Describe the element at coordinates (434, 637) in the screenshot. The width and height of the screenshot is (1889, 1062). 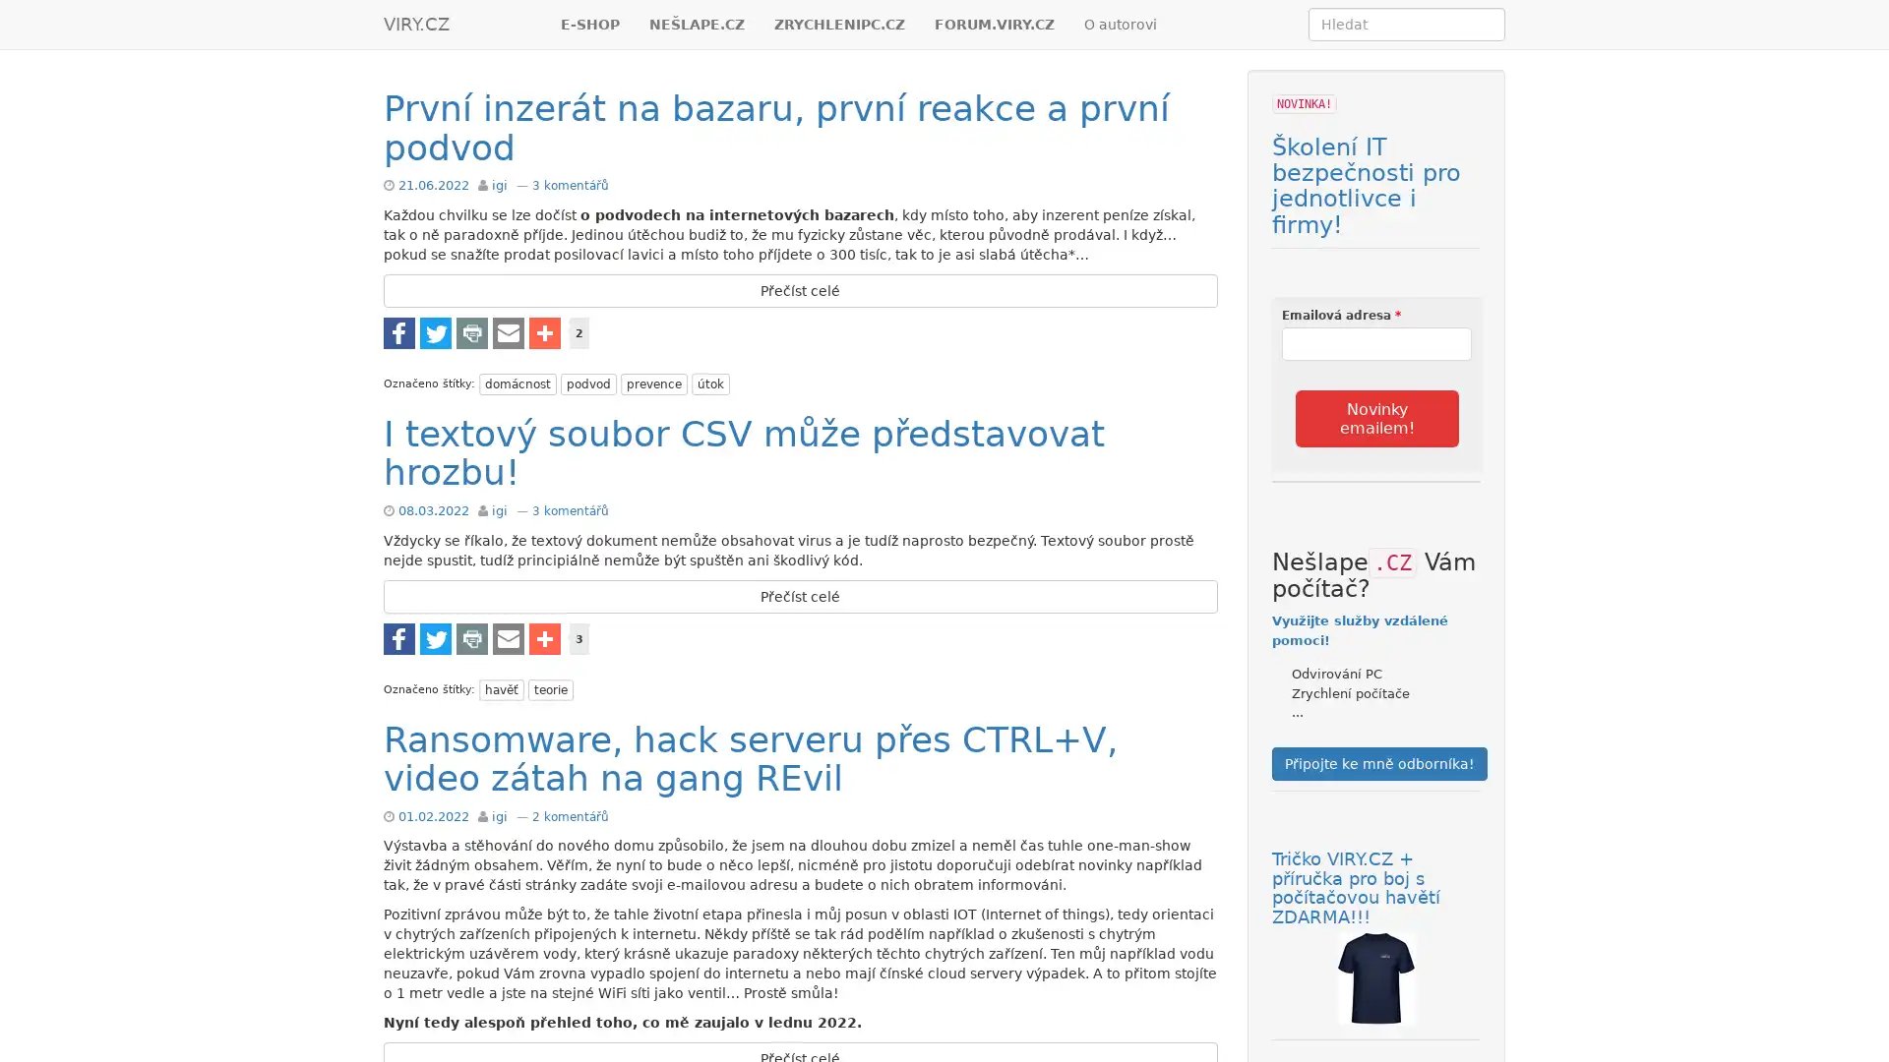
I see `Share to Twitter` at that location.